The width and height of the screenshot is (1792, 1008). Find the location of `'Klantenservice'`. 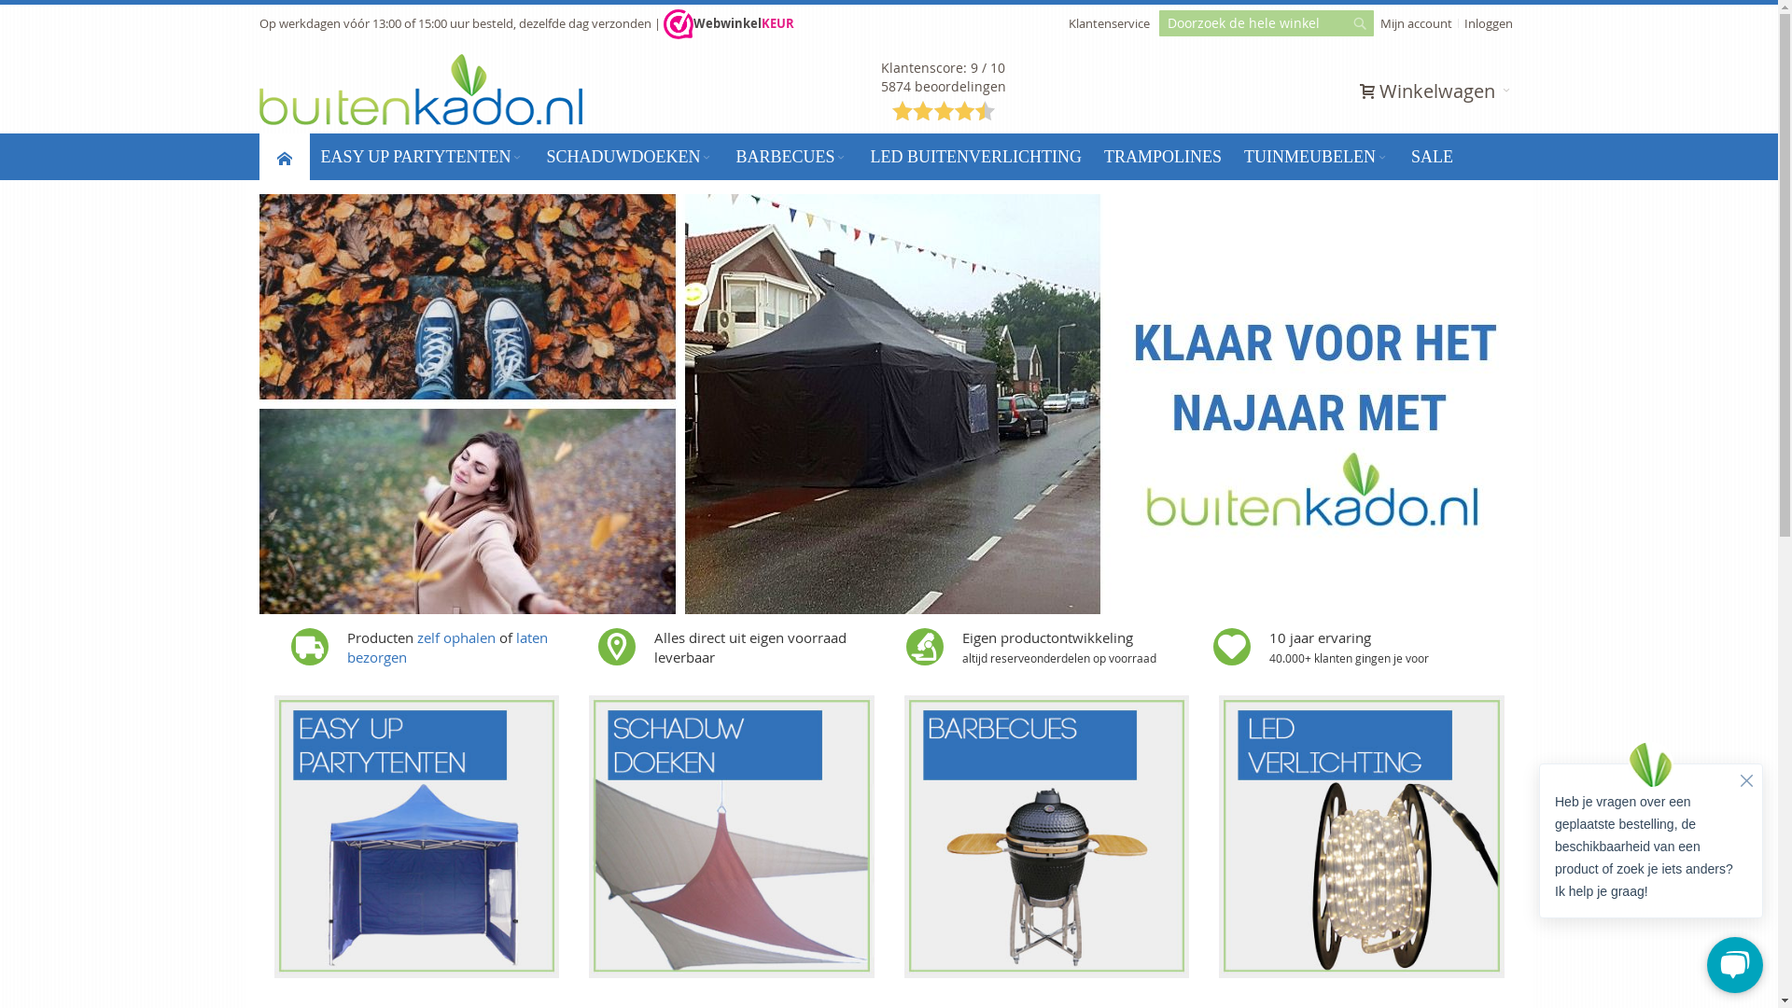

'Klantenservice' is located at coordinates (1108, 22).